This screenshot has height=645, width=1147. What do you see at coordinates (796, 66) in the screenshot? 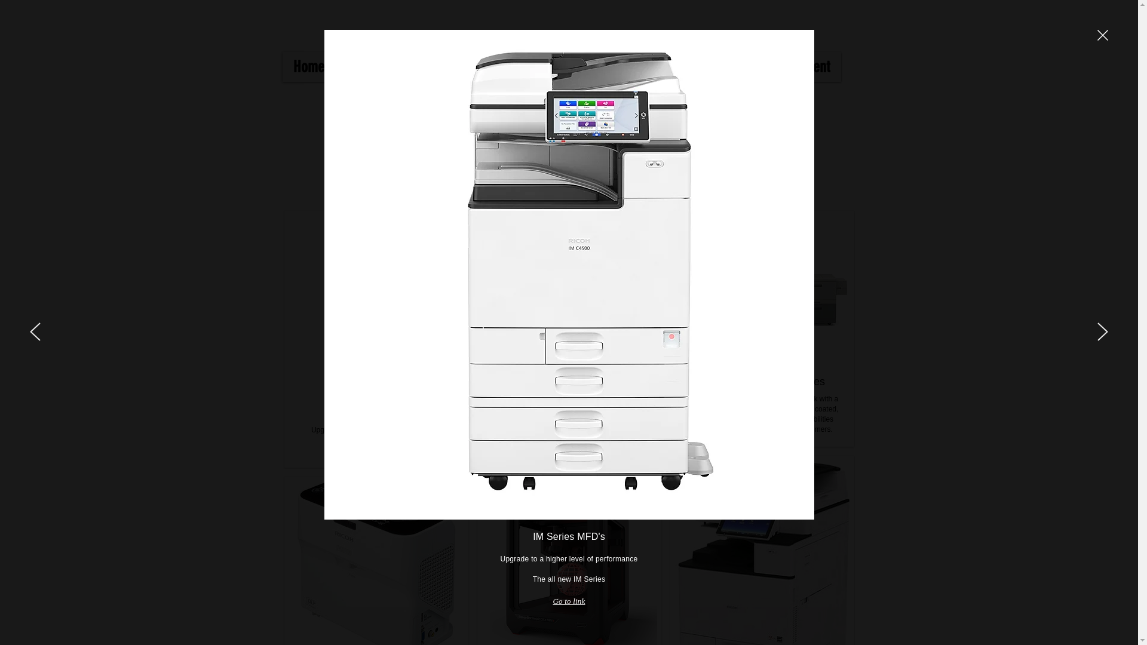
I see `'Environment'` at bounding box center [796, 66].